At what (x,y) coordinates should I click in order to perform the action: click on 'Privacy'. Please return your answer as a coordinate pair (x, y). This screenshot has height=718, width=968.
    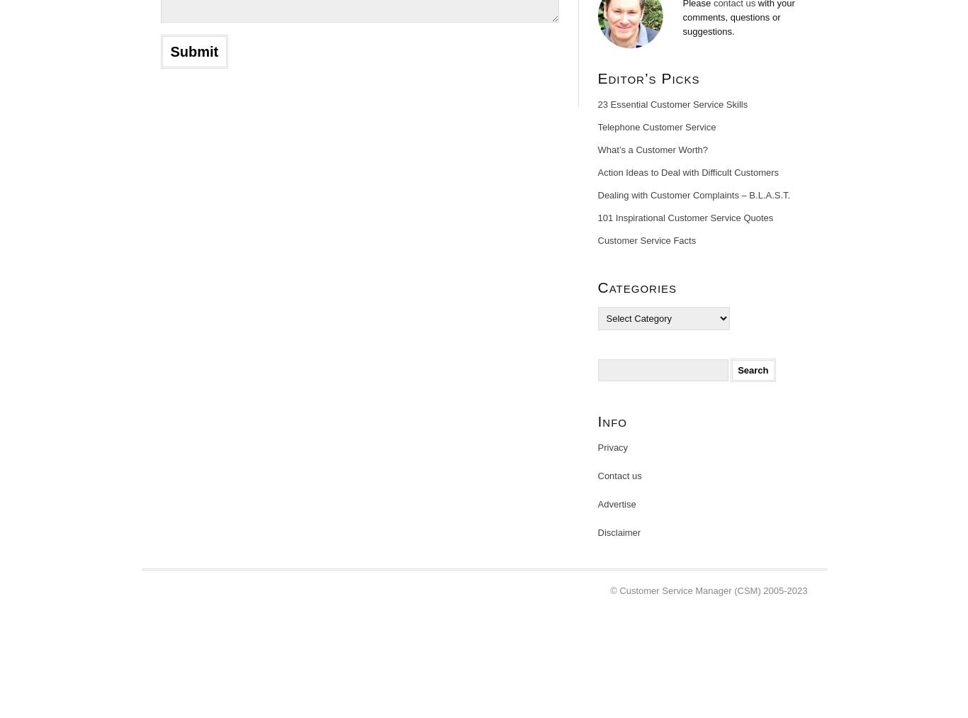
    Looking at the image, I should click on (596, 447).